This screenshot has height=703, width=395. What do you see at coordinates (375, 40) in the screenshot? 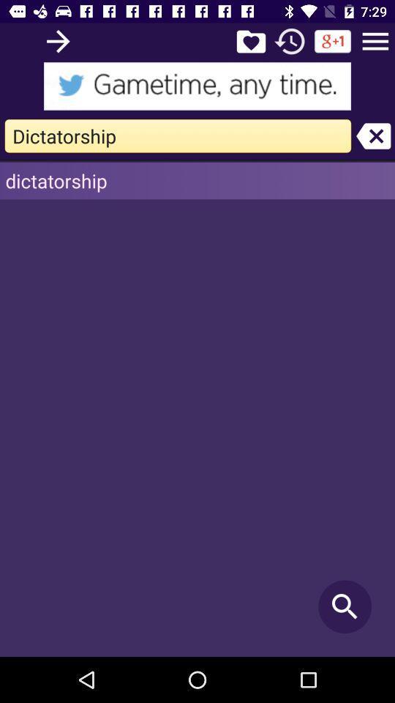
I see `see menu items` at bounding box center [375, 40].